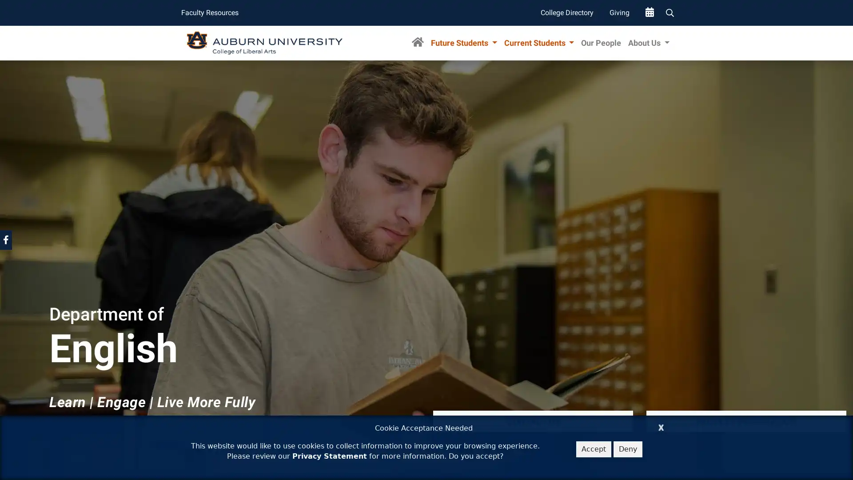 The width and height of the screenshot is (853, 480). Describe the element at coordinates (594, 449) in the screenshot. I see `Accept` at that location.